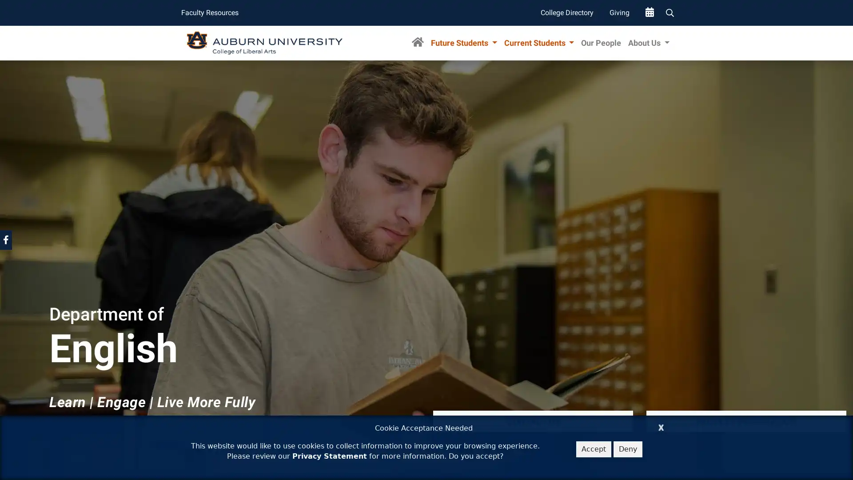 The width and height of the screenshot is (853, 480). Describe the element at coordinates (594, 449) in the screenshot. I see `Accept` at that location.